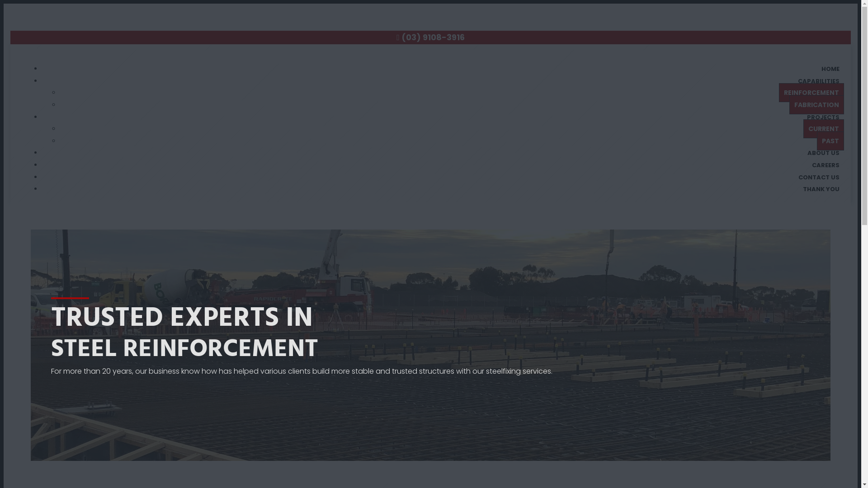 The width and height of the screenshot is (868, 488). I want to click on 'PAST', so click(830, 141).